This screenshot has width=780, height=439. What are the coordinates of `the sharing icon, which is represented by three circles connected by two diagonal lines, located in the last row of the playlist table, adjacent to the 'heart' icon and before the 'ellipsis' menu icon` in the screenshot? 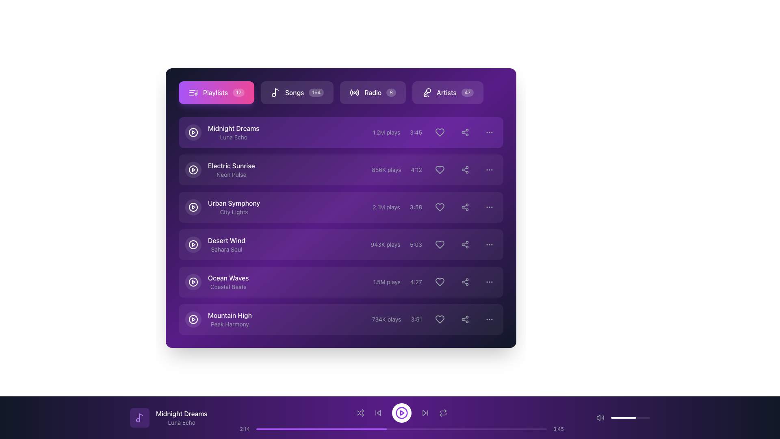 It's located at (465, 244).